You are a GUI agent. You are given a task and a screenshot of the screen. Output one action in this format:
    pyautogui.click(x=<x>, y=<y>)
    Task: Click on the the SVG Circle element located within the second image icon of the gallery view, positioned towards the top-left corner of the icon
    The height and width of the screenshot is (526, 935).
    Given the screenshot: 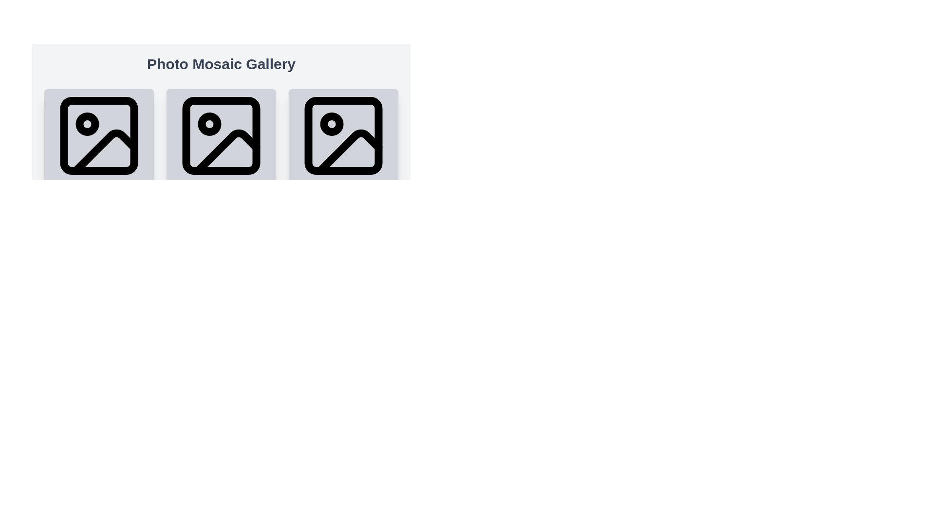 What is the action you would take?
    pyautogui.click(x=332, y=123)
    